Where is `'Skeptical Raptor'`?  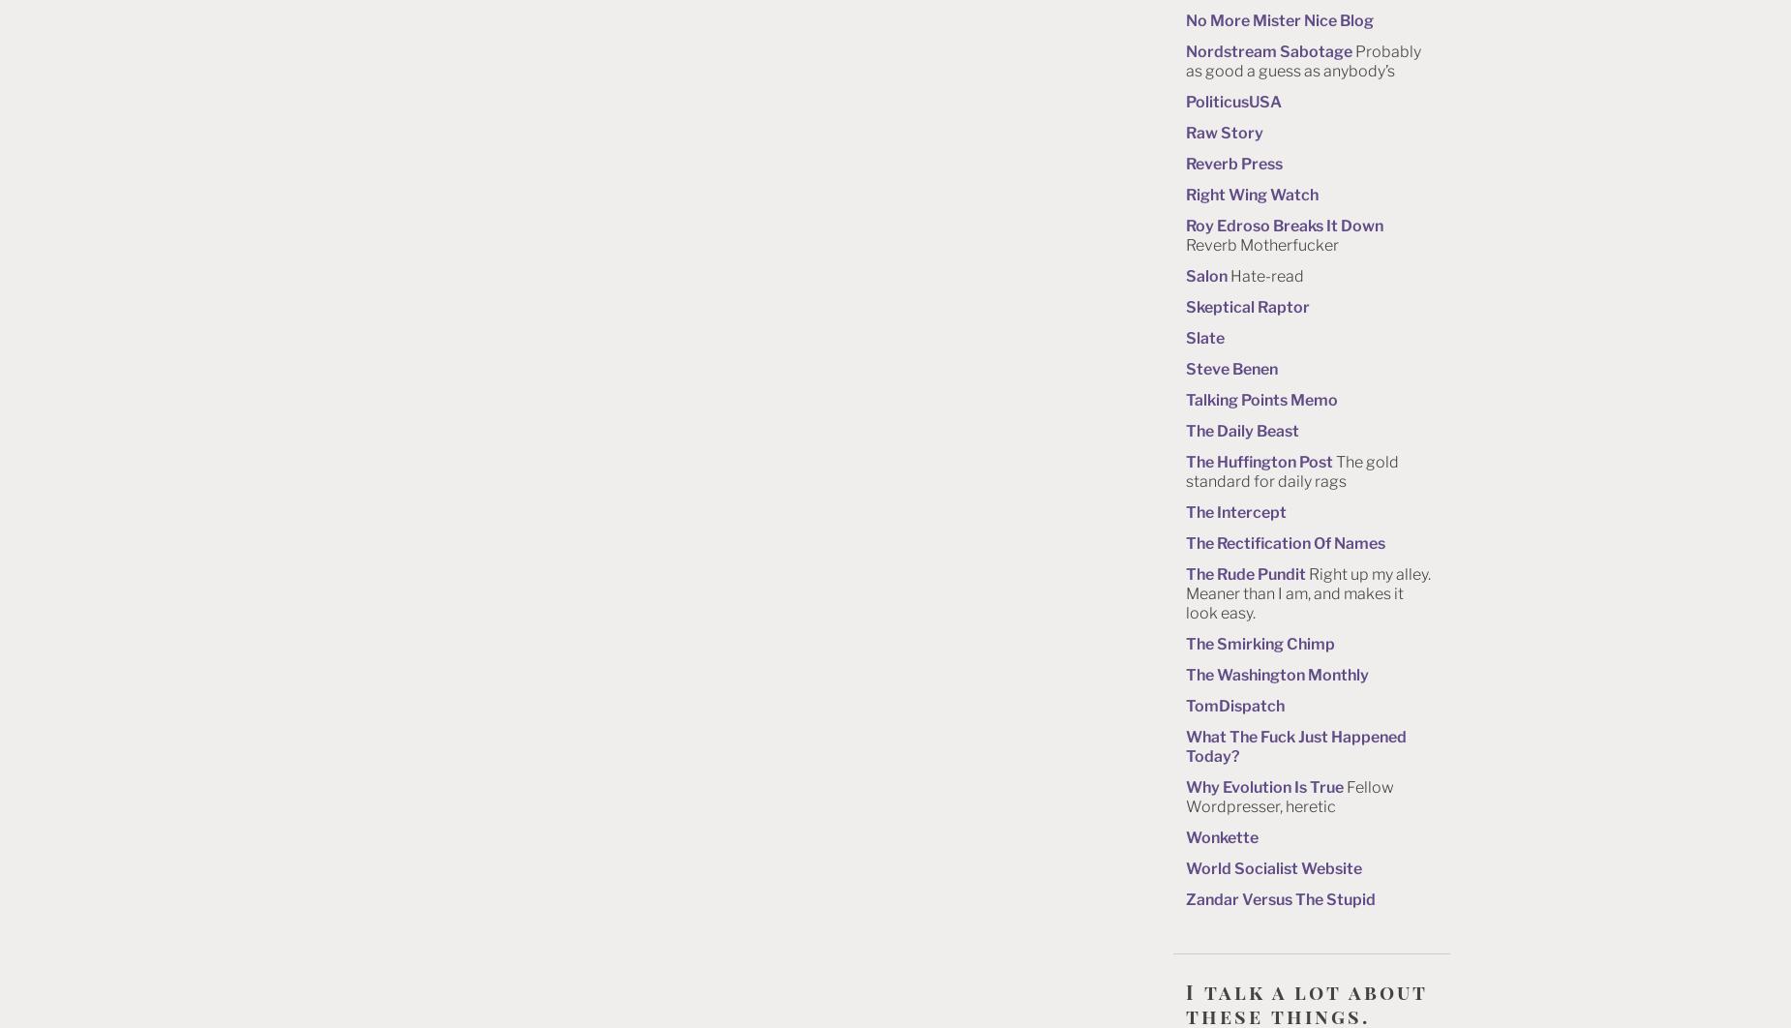 'Skeptical Raptor' is located at coordinates (1247, 305).